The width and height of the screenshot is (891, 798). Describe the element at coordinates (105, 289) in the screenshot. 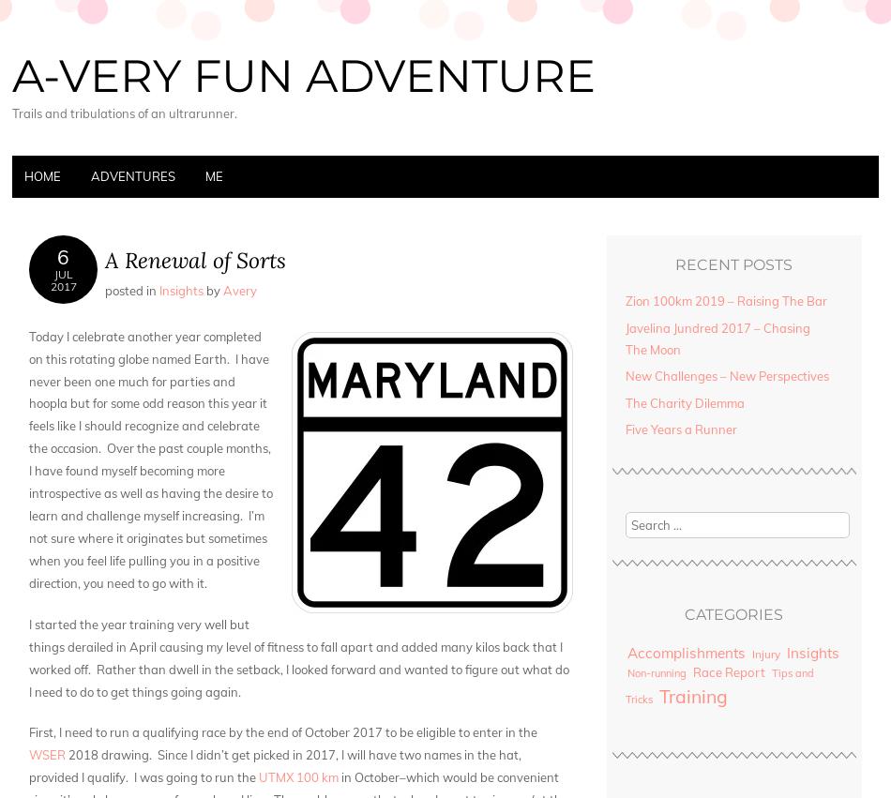

I see `'Posted in'` at that location.